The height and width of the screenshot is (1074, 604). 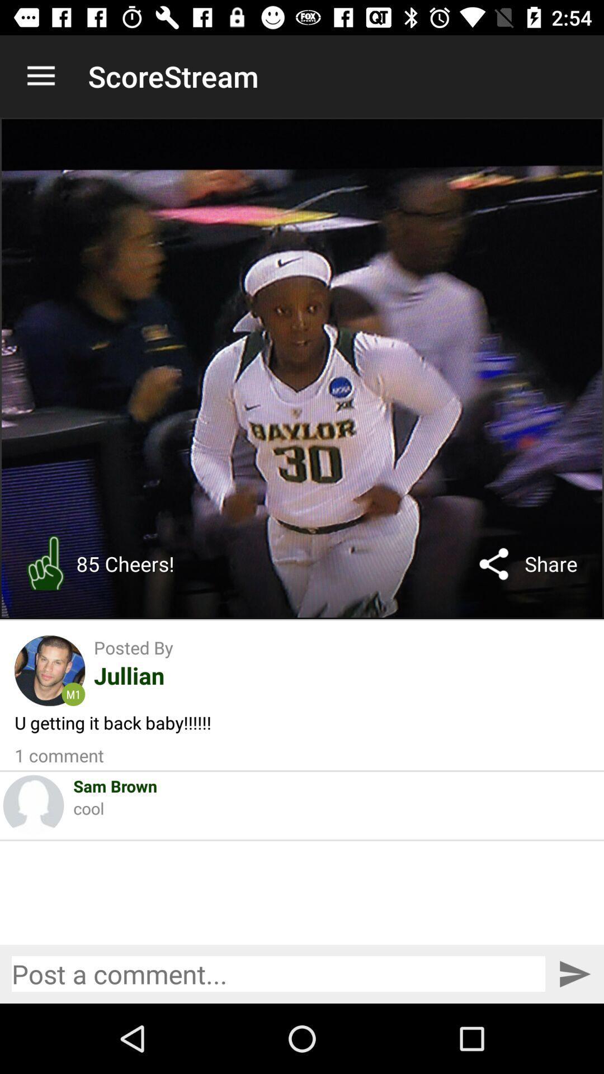 What do you see at coordinates (73, 694) in the screenshot?
I see `item above u getting it icon` at bounding box center [73, 694].